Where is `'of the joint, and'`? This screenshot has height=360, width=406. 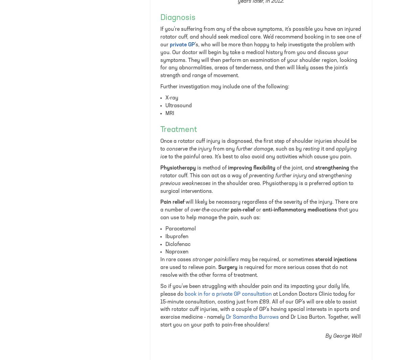 'of the joint, and' is located at coordinates (295, 168).